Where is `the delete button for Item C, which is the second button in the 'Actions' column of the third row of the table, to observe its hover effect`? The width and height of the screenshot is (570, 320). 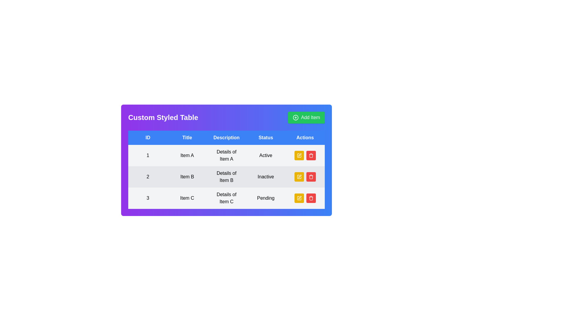 the delete button for Item C, which is the second button in the 'Actions' column of the third row of the table, to observe its hover effect is located at coordinates (311, 198).